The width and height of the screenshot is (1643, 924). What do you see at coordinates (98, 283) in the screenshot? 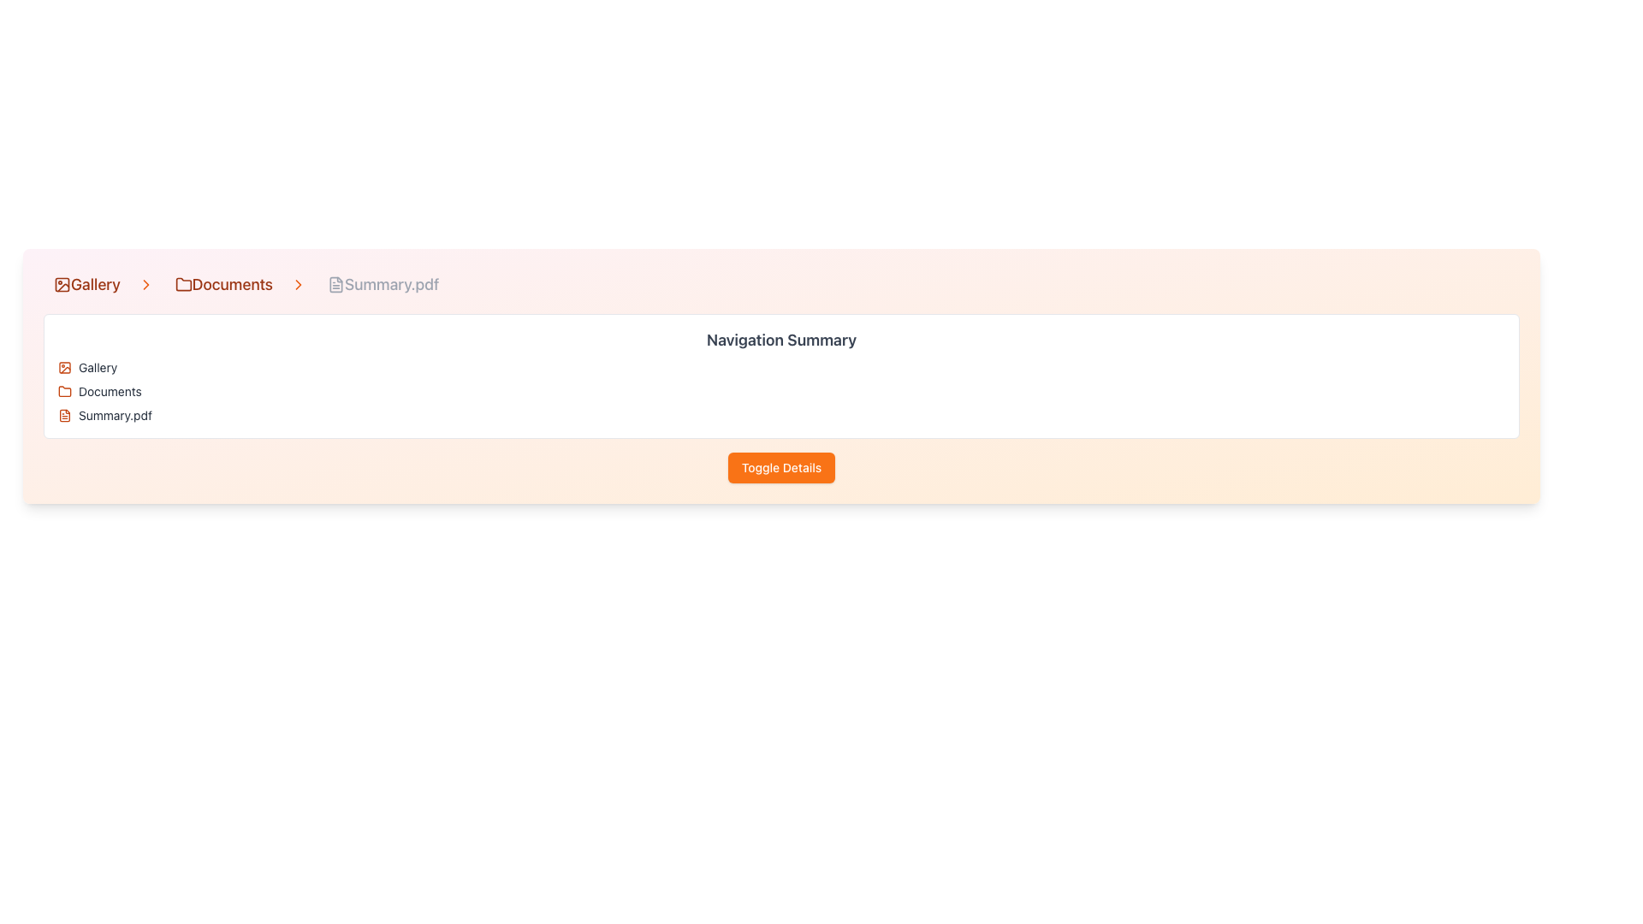
I see `the Breadcrumb Navigation Item labeled 'Gallery'` at bounding box center [98, 283].